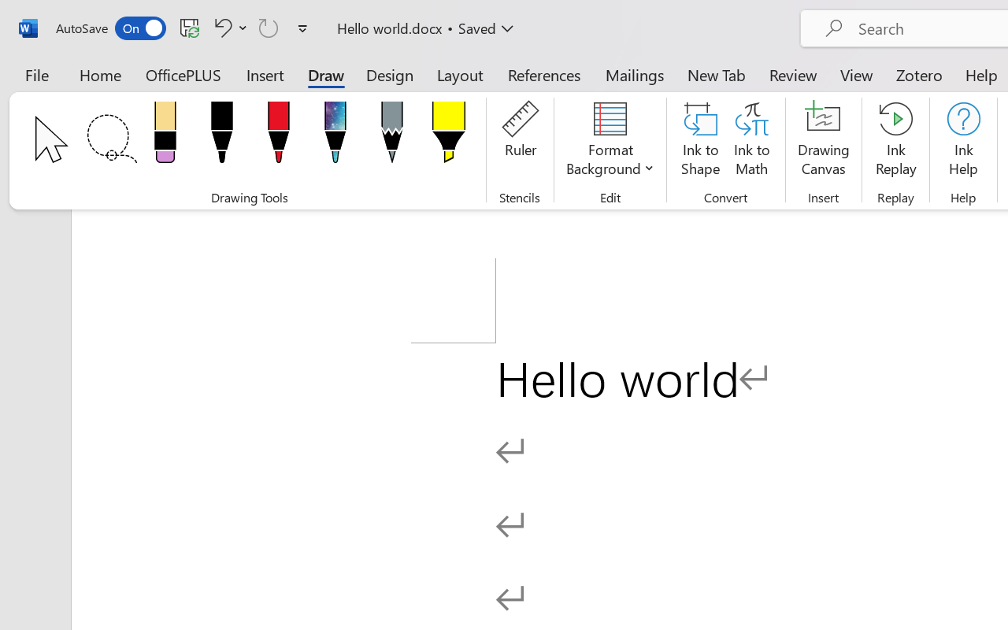 This screenshot has width=1008, height=630. I want to click on 'Ink to Shape', so click(700, 141).